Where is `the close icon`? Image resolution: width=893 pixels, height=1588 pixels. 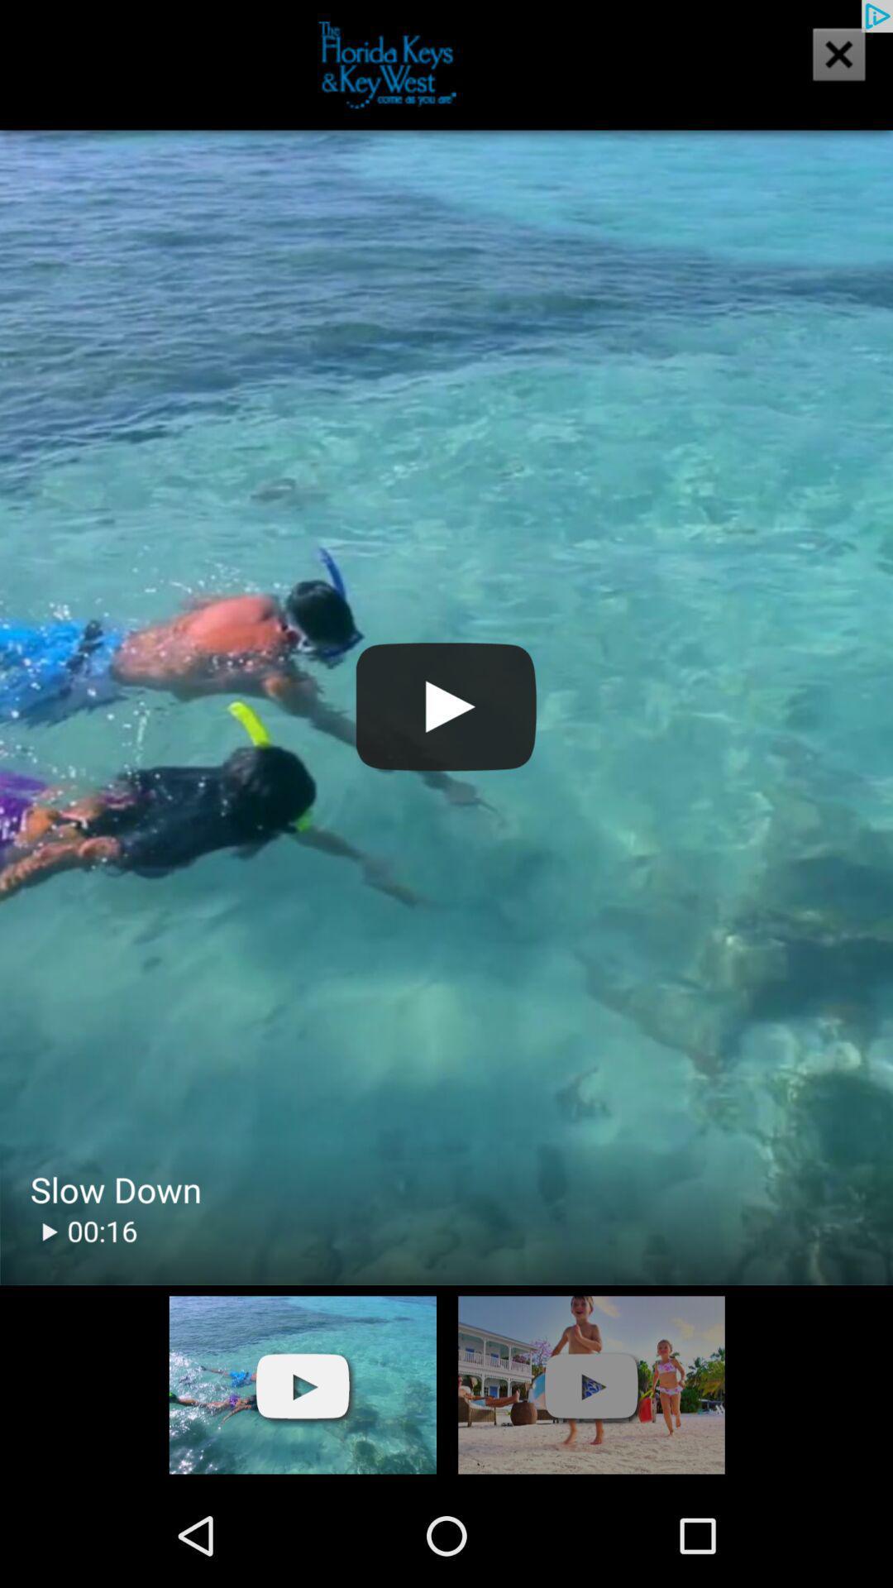
the close icon is located at coordinates (838, 58).